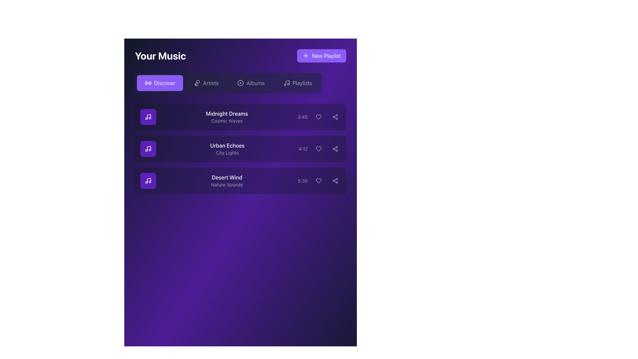 The image size is (638, 359). I want to click on the 'Albums' button, so click(250, 83).